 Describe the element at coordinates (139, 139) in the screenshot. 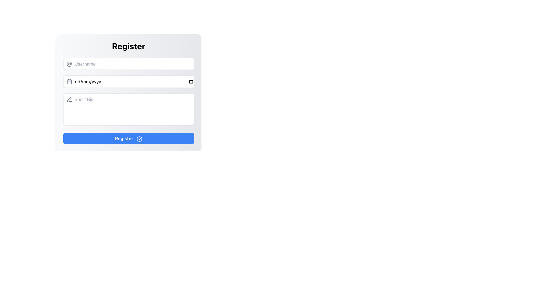

I see `the circular icon with a checkmark inside, which is located at the far right side of the 'Register' button, centrally aligned within the button's vertical bounds` at that location.